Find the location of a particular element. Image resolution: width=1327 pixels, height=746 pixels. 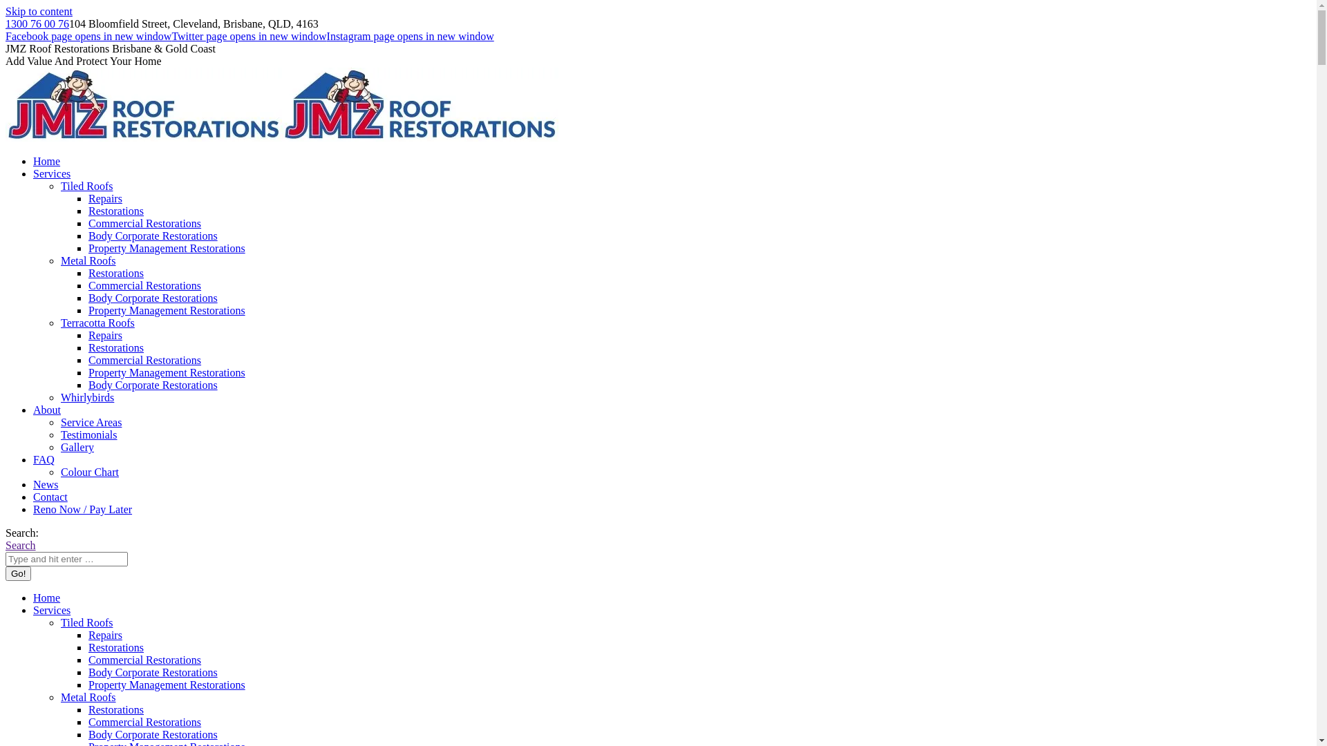

'Instagram page opens in new window' is located at coordinates (410, 35).